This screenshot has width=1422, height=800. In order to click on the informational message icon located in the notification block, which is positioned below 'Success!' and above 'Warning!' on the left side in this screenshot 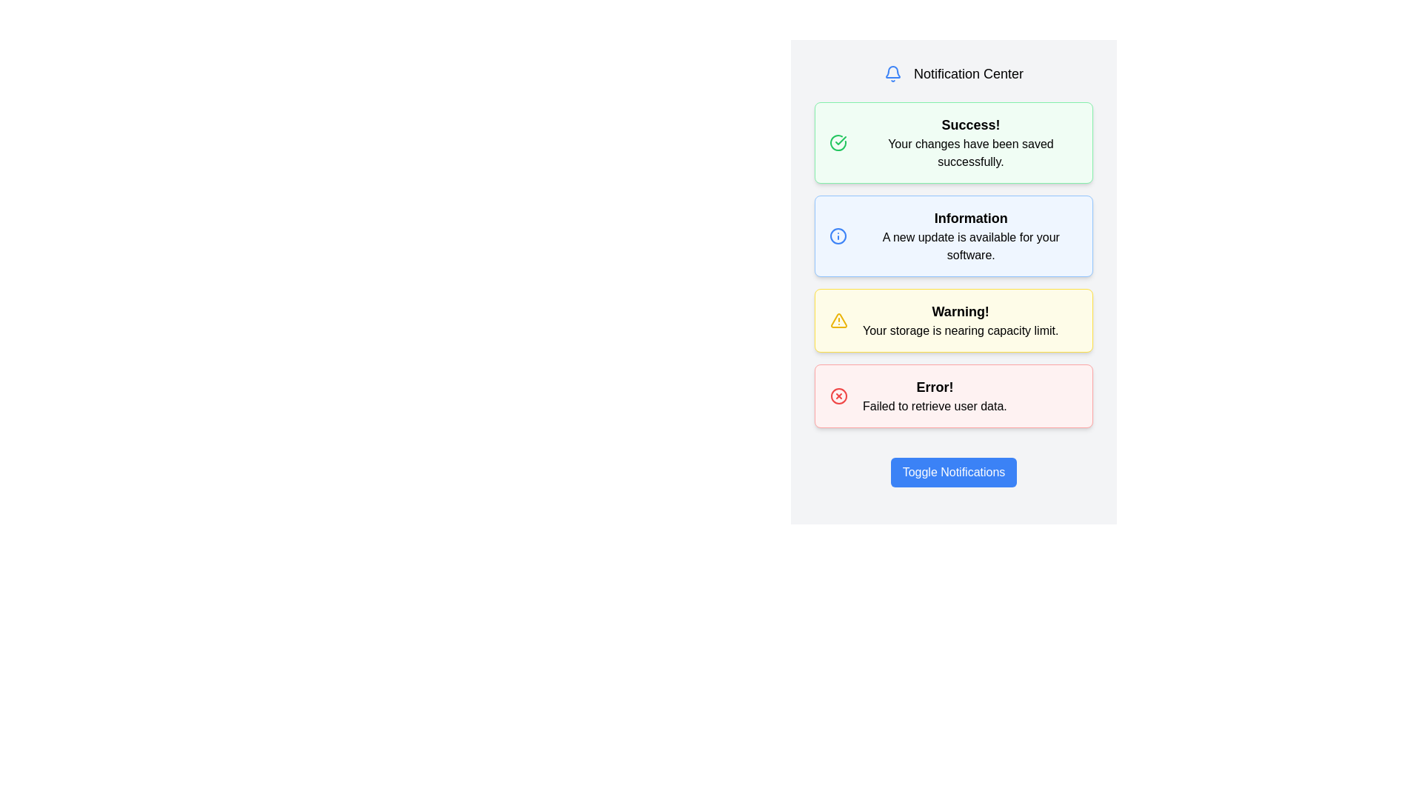, I will do `click(838, 236)`.